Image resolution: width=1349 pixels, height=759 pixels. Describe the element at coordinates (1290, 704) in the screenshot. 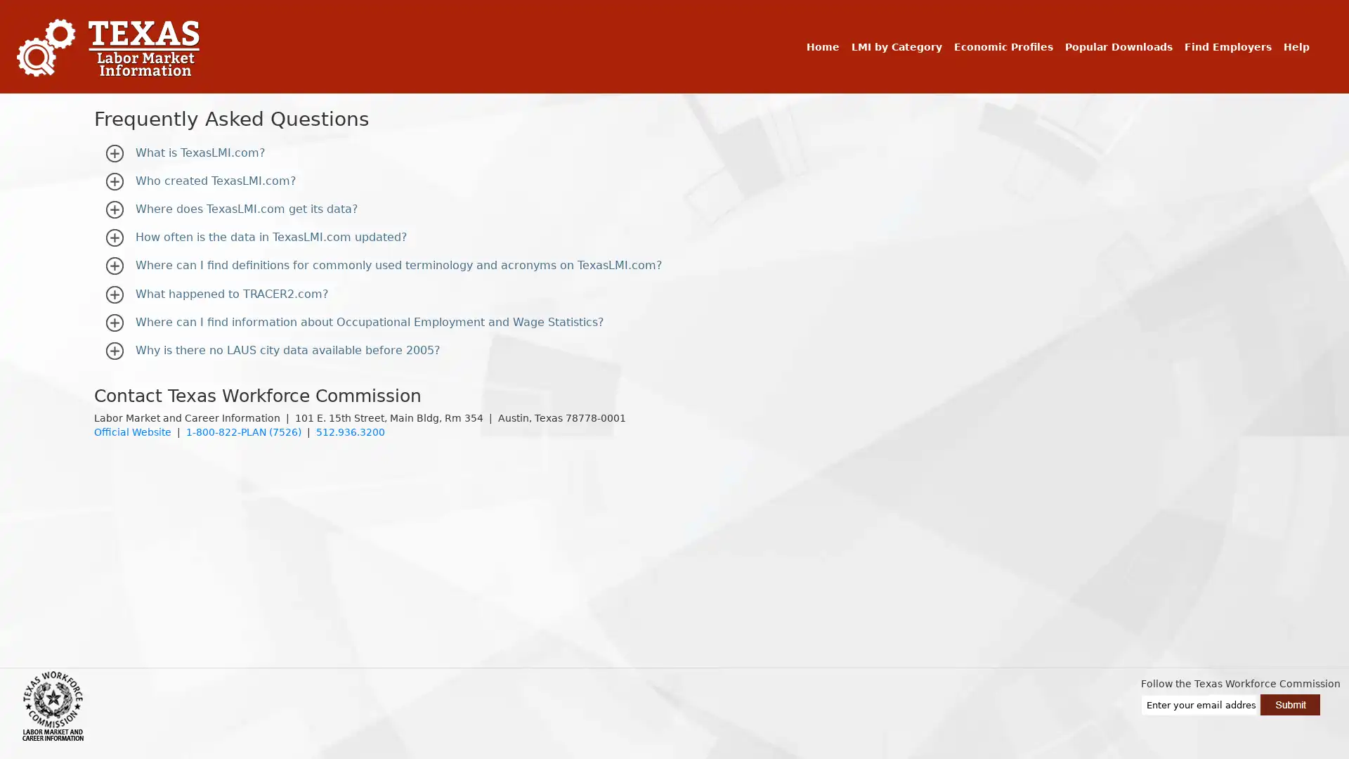

I see `Submit` at that location.